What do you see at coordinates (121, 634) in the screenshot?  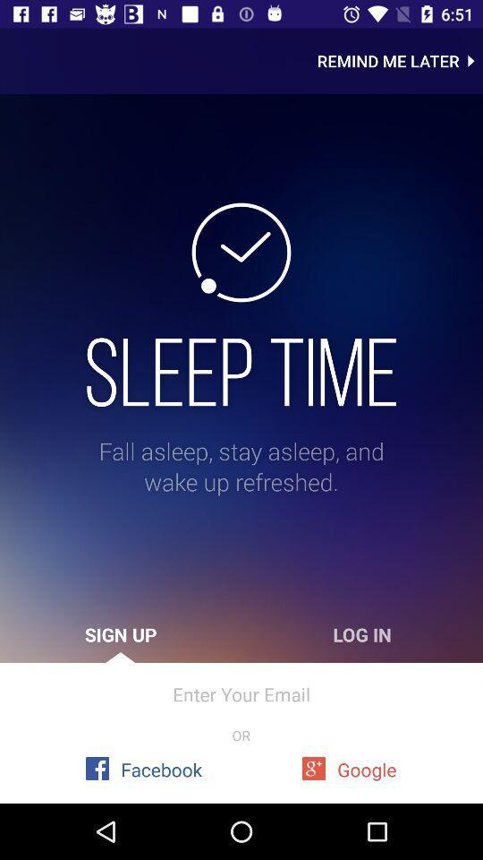 I see `icon to the left of log in` at bounding box center [121, 634].